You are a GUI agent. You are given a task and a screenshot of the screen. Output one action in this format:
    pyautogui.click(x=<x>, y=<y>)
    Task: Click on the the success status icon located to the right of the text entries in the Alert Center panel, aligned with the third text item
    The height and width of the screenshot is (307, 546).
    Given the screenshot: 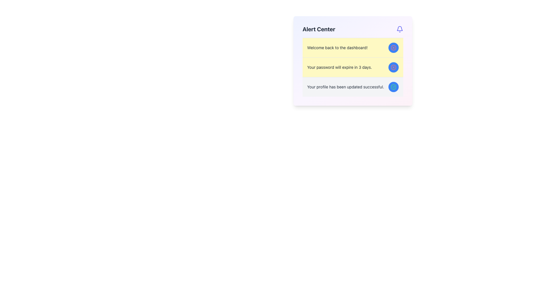 What is the action you would take?
    pyautogui.click(x=393, y=87)
    